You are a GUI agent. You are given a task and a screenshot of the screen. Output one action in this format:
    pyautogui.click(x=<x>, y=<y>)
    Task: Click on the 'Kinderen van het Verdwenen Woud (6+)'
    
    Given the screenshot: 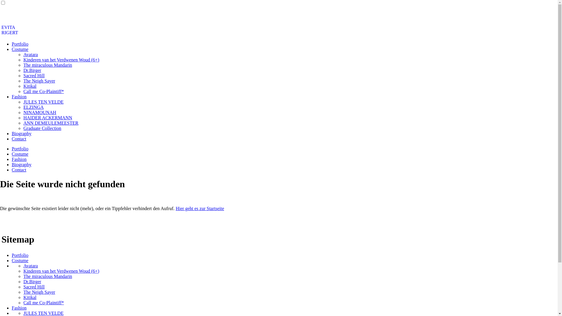 What is the action you would take?
    pyautogui.click(x=23, y=271)
    